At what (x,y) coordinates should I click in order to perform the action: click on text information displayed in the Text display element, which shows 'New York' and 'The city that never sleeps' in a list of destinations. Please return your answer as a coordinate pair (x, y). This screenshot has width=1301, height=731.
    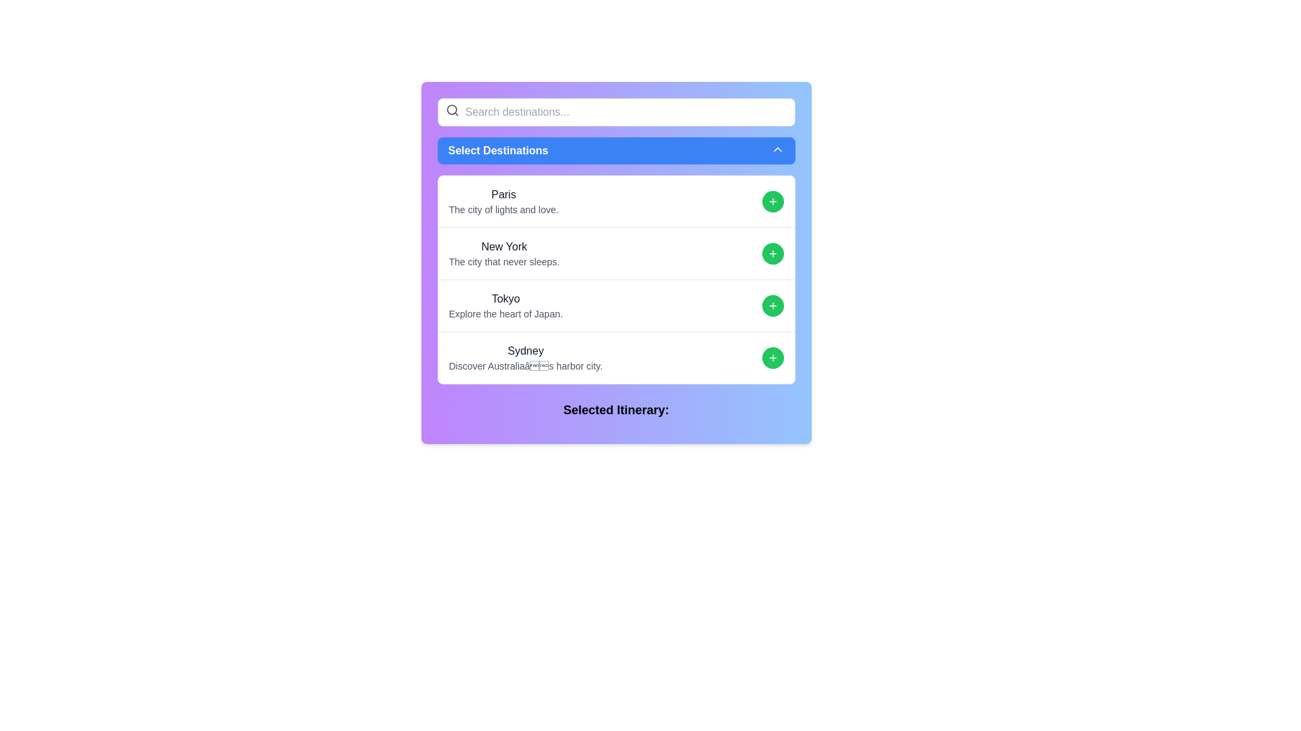
    Looking at the image, I should click on (503, 253).